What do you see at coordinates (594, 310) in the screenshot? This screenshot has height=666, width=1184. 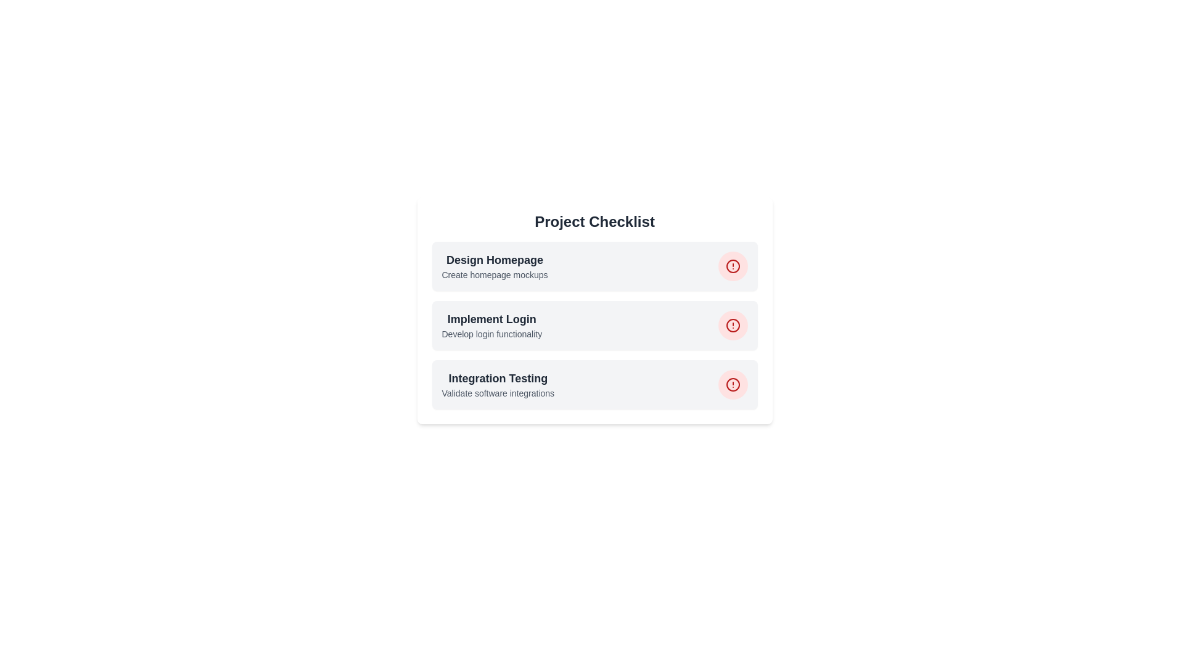 I see `the second card in the 'Project Checklist'` at bounding box center [594, 310].